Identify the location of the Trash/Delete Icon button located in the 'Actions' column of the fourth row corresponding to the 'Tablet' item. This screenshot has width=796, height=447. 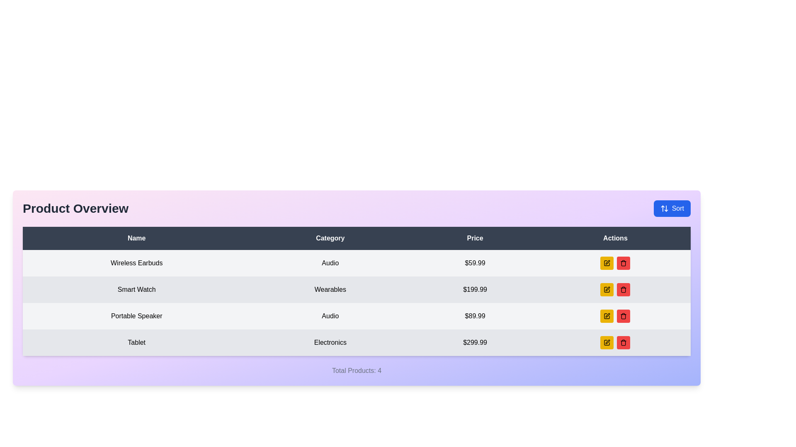
(624, 316).